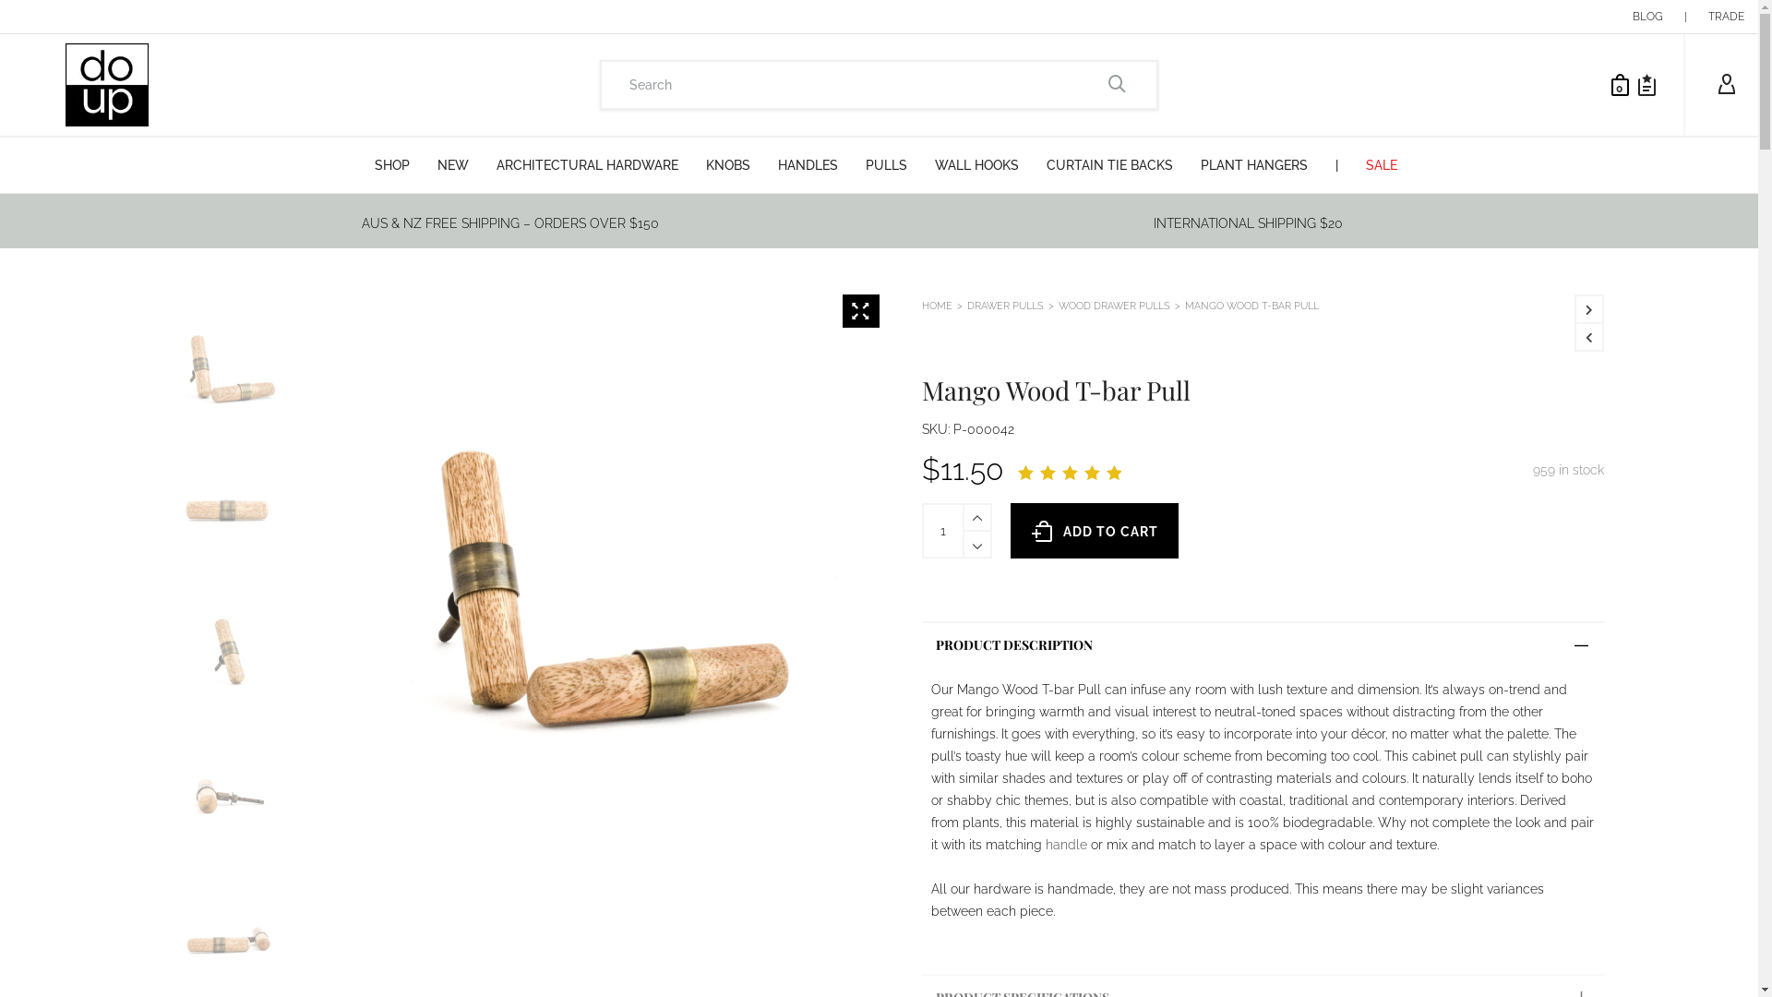 The image size is (1772, 997). I want to click on 'PULLS', so click(886, 163).